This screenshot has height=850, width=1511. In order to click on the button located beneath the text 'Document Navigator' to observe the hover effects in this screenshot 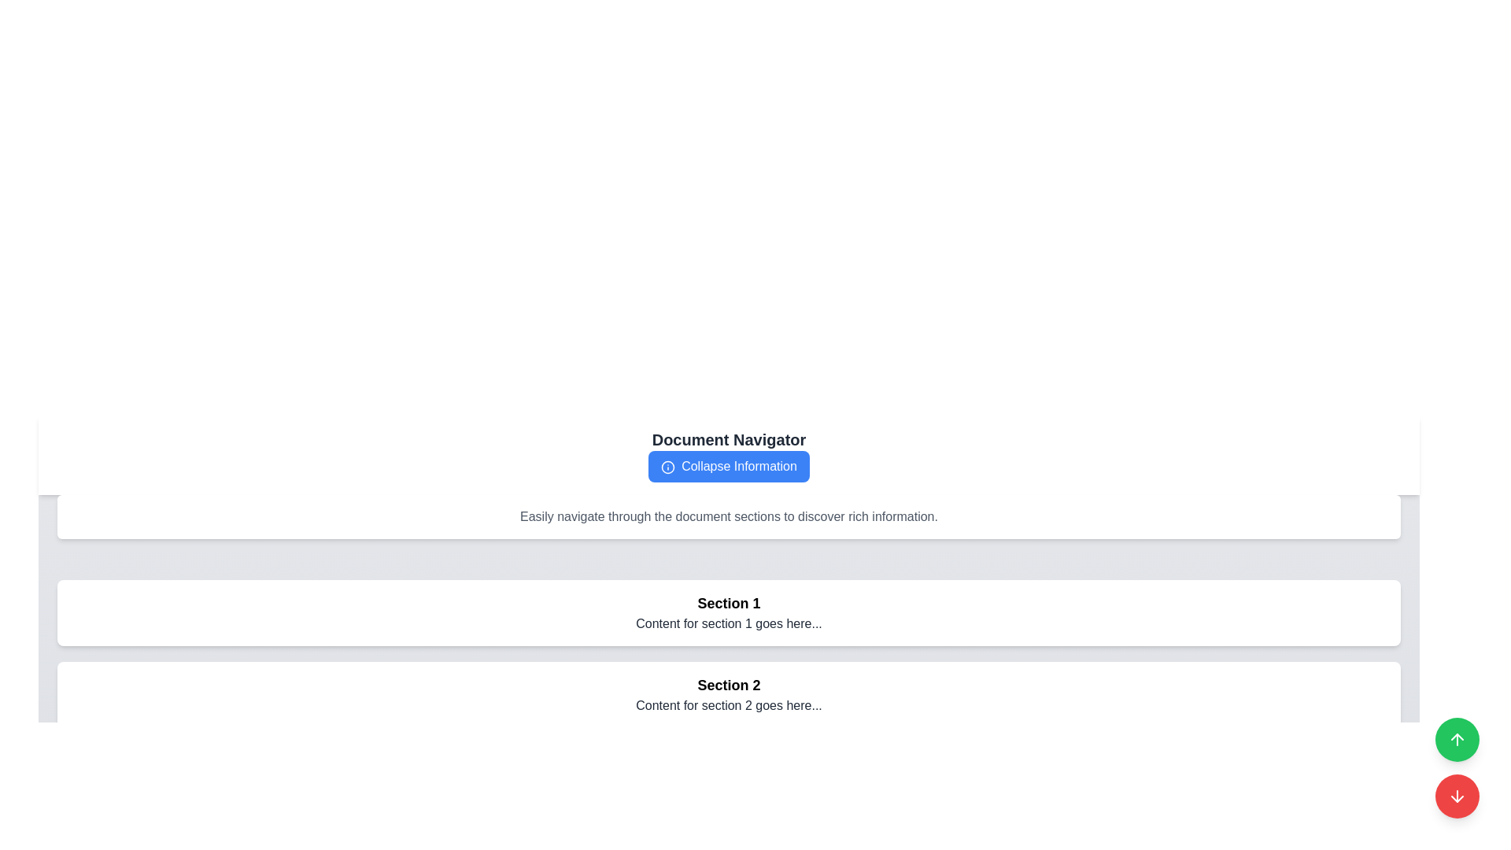, I will do `click(728, 466)`.